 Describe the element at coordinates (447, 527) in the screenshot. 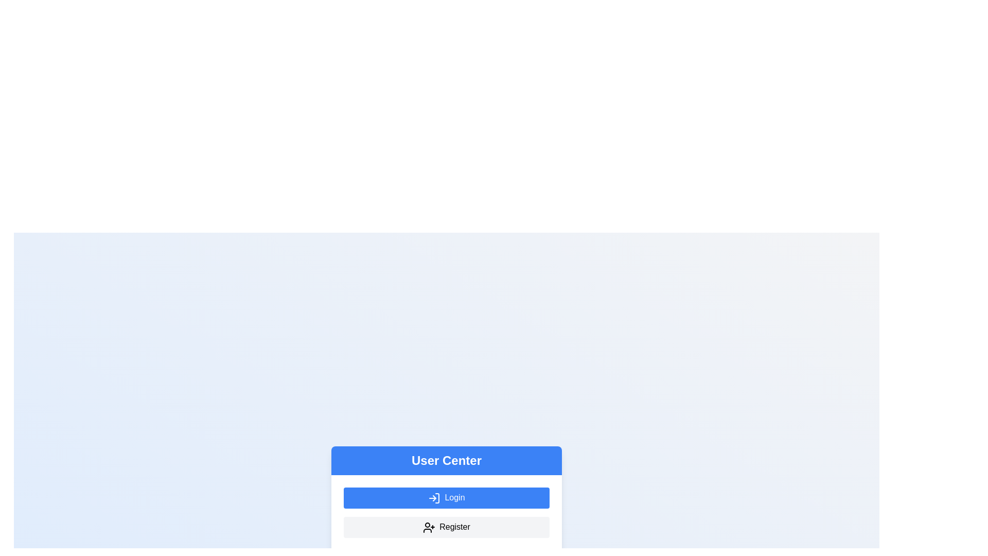

I see `the 'Register' button with a light gray background and user add icon` at that location.